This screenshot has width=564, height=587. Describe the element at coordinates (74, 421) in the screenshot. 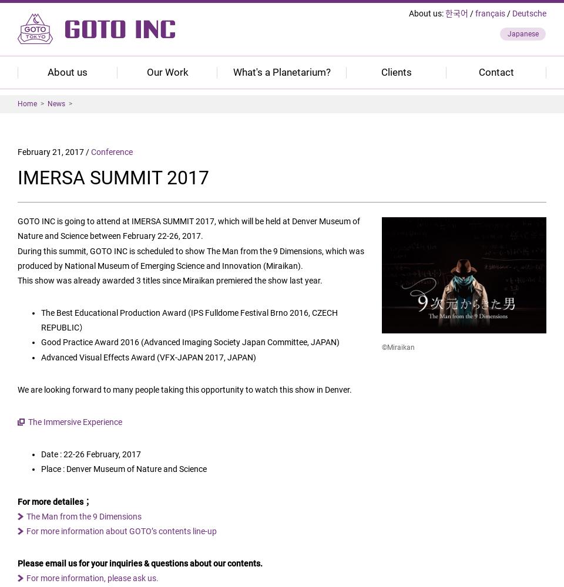

I see `'The Immersive Experience'` at that location.